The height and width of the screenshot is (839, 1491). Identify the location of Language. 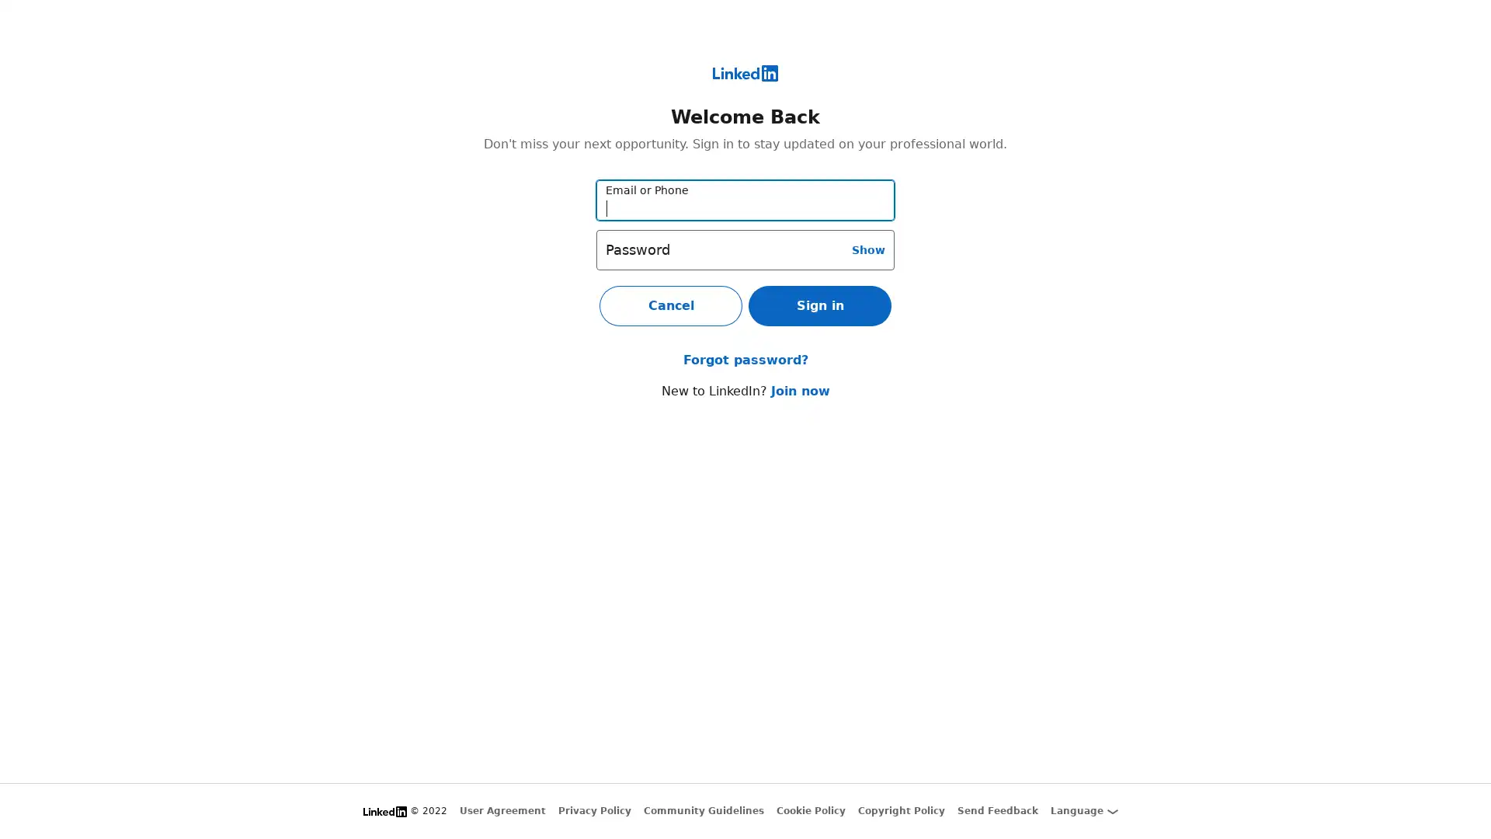
(1083, 810).